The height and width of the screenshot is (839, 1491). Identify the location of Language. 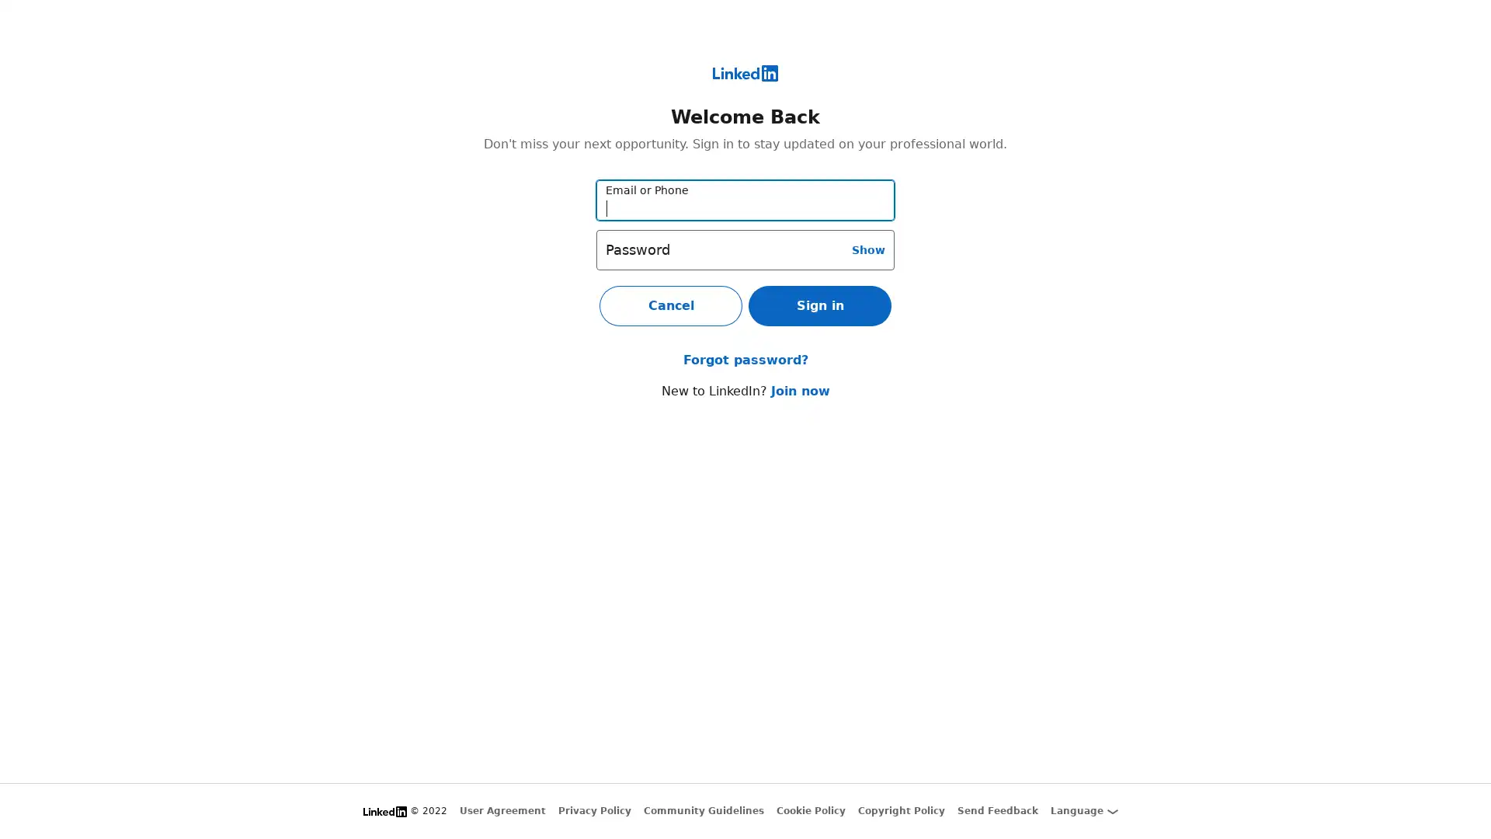
(1083, 810).